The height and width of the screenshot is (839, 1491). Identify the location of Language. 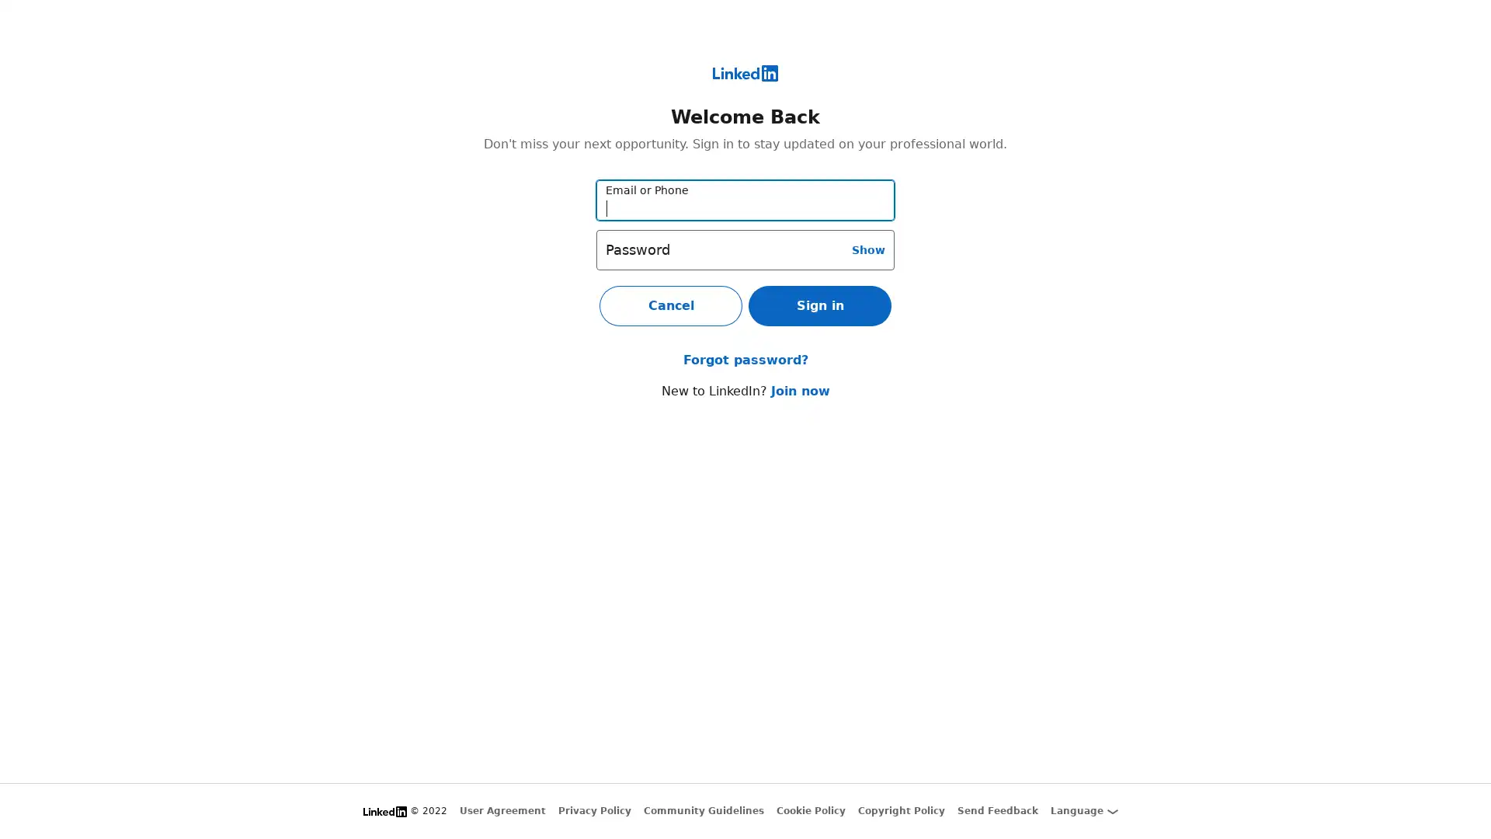
(1083, 810).